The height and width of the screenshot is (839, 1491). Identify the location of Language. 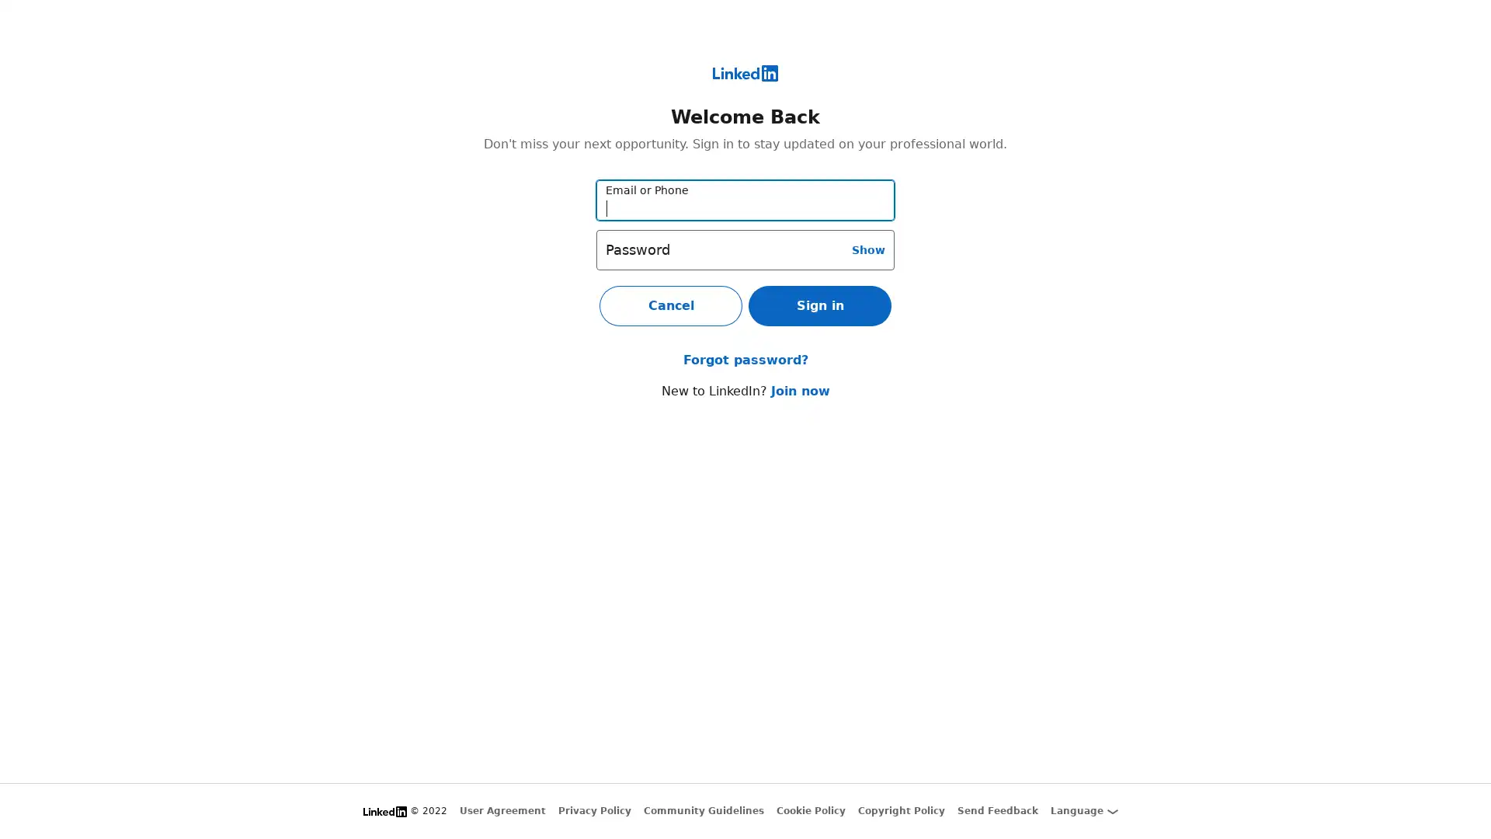
(1083, 810).